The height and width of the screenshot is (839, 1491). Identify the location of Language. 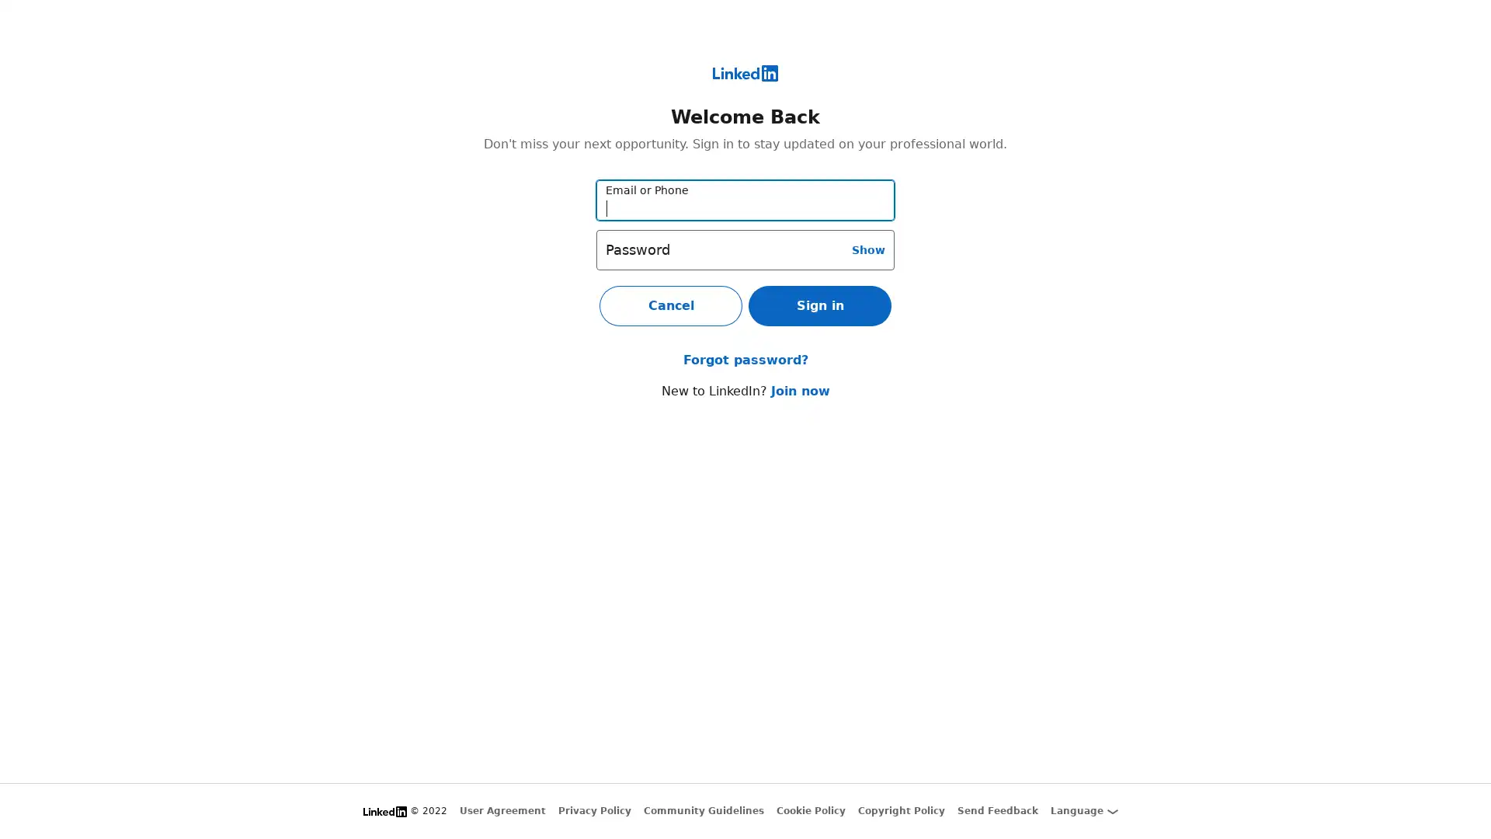
(1083, 810).